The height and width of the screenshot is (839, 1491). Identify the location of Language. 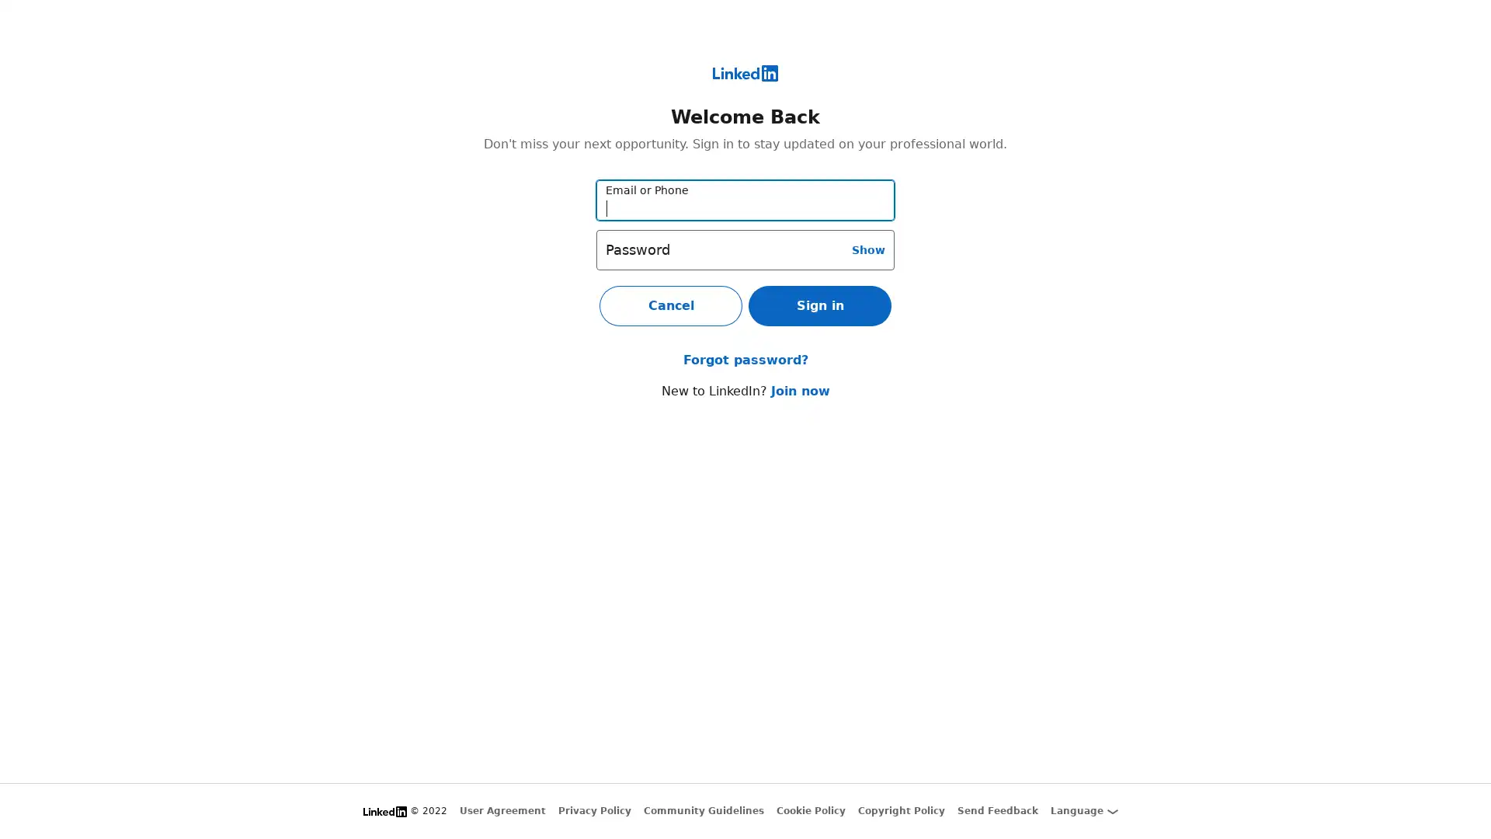
(1083, 810).